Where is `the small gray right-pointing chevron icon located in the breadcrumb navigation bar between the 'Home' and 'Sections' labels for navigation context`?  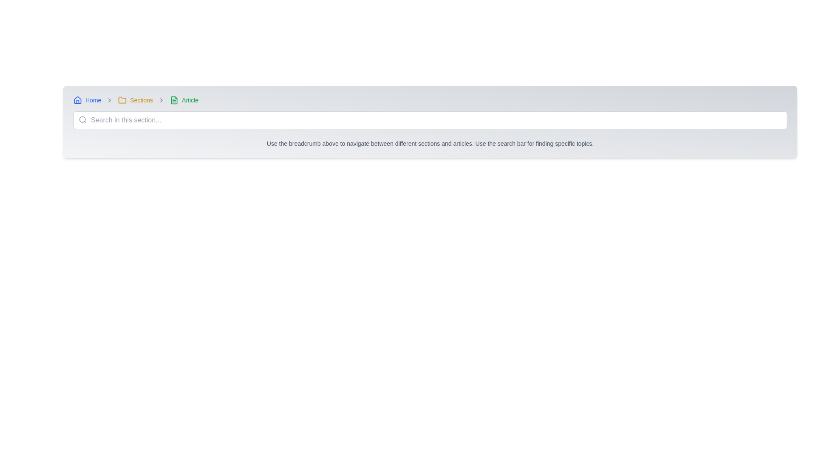 the small gray right-pointing chevron icon located in the breadcrumb navigation bar between the 'Home' and 'Sections' labels for navigation context is located at coordinates (109, 99).